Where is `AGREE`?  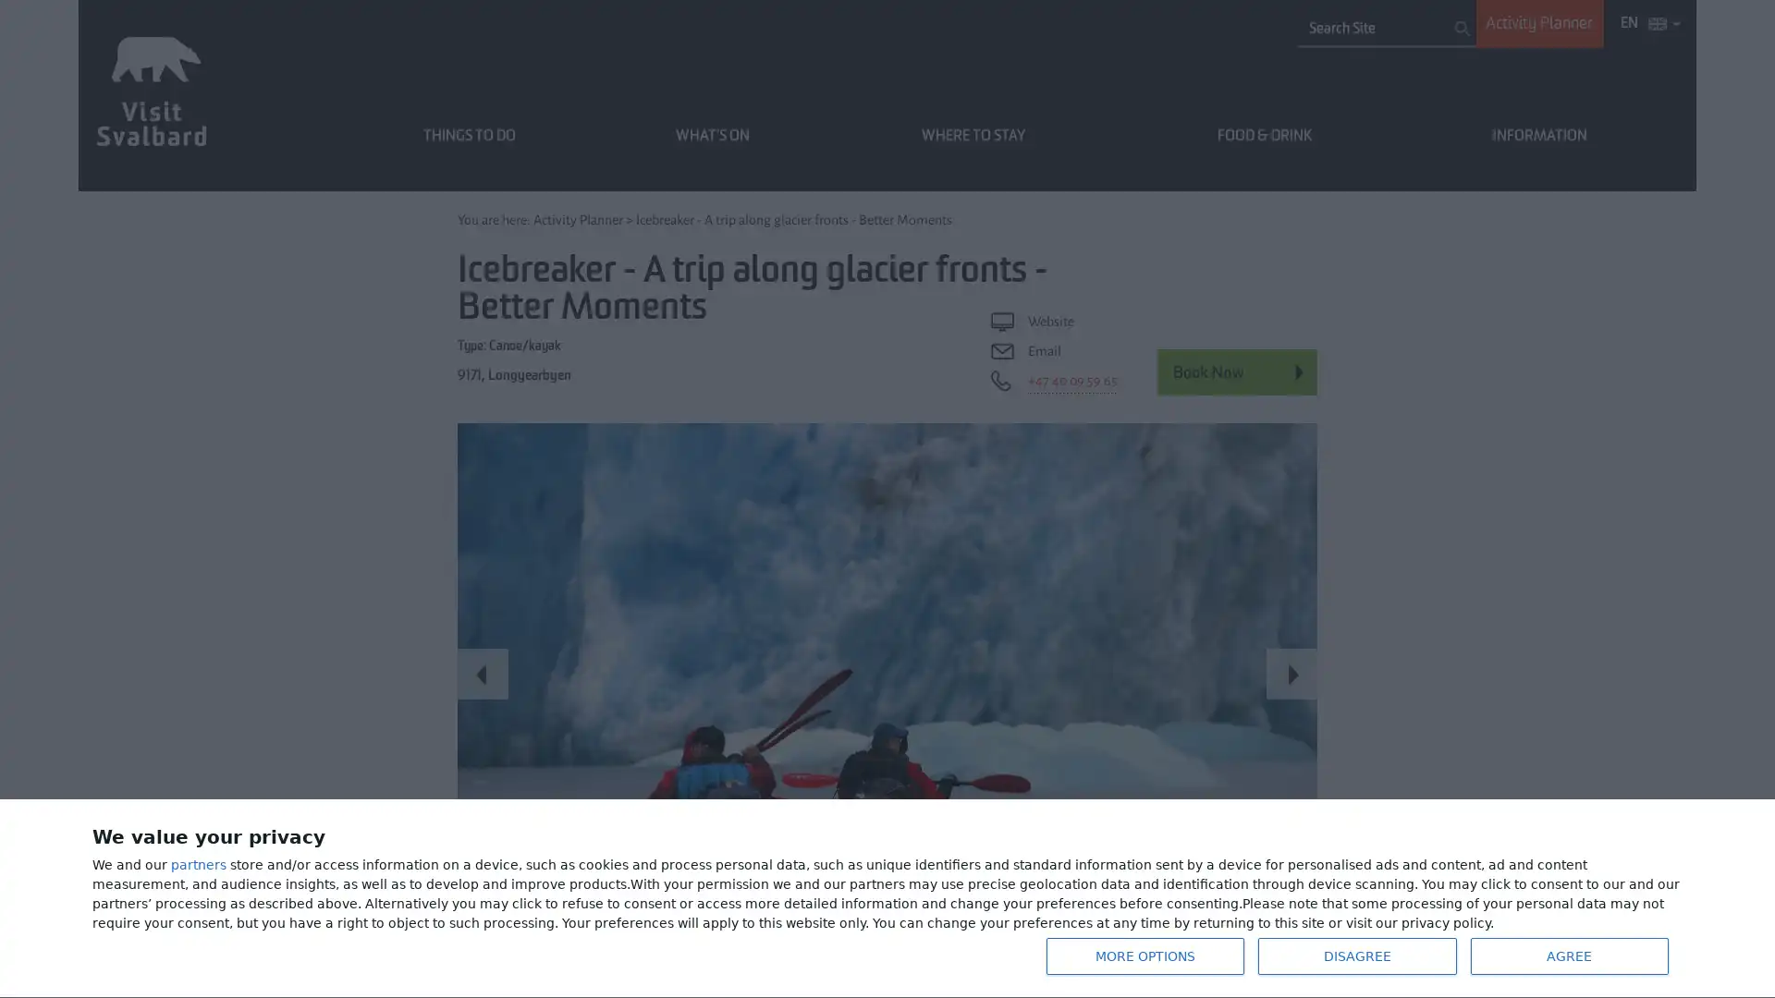
AGREE is located at coordinates (1568, 955).